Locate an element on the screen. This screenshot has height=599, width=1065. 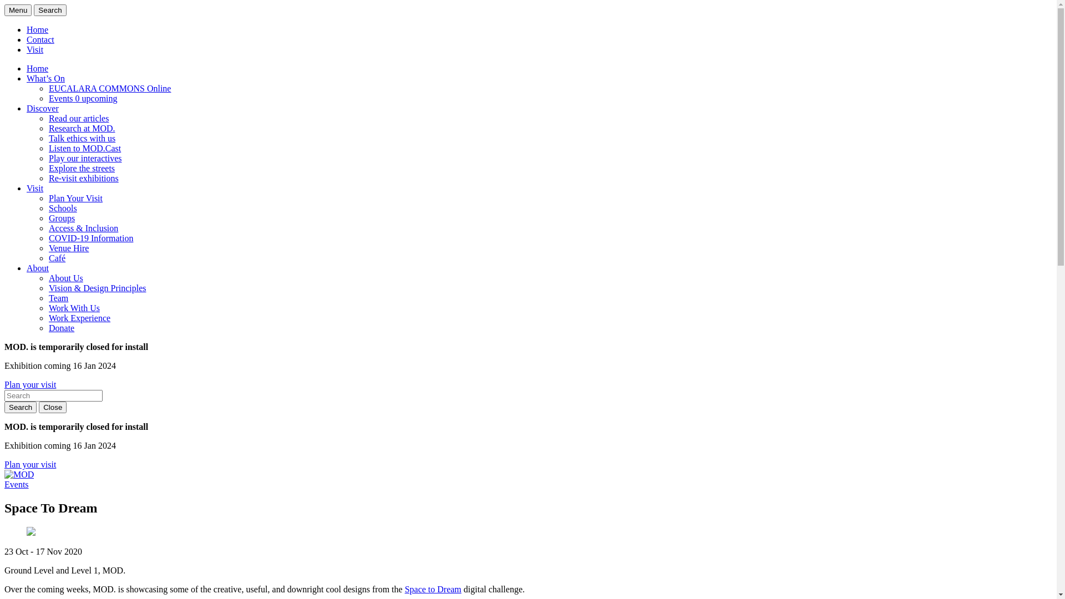
'Events' is located at coordinates (16, 484).